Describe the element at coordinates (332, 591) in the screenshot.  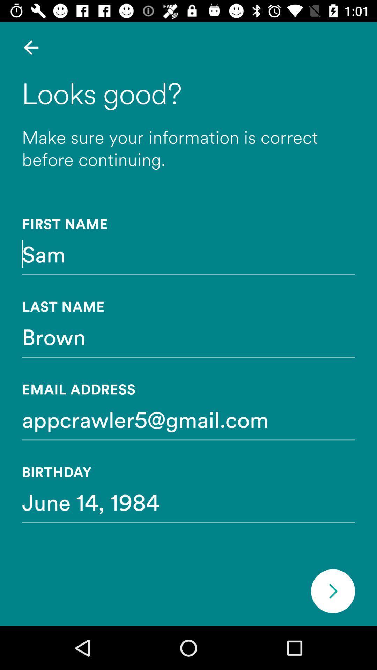
I see `next page` at that location.